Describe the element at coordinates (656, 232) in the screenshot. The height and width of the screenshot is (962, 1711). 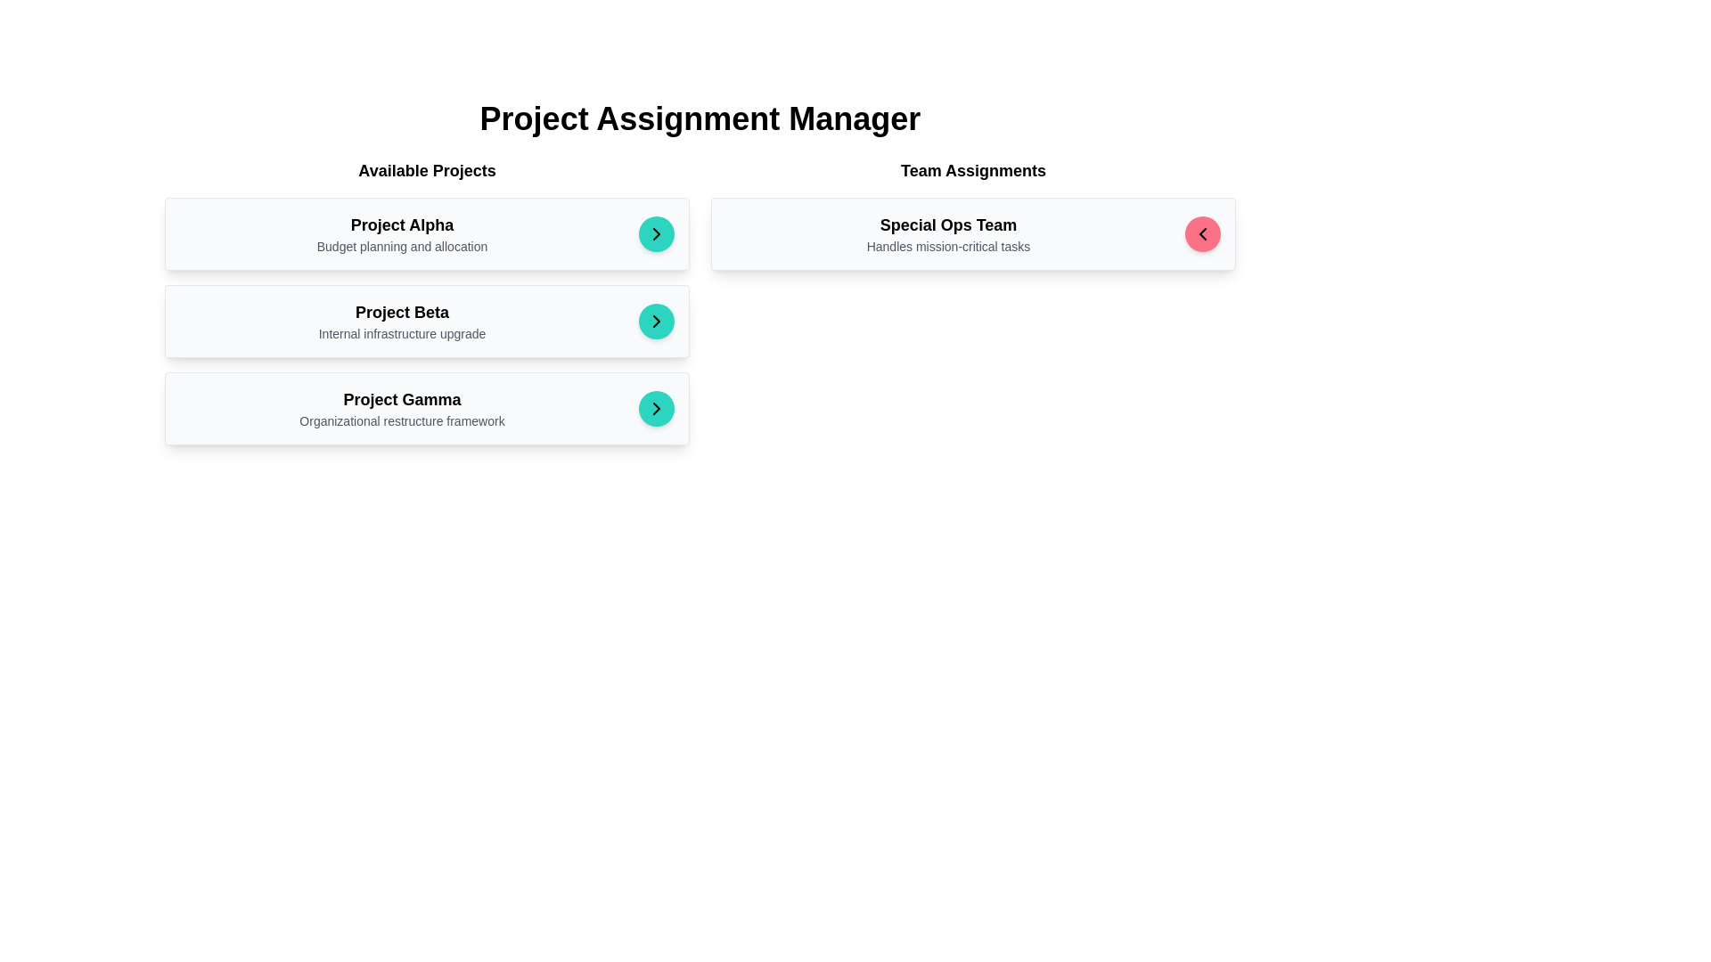
I see `the navigational arrow icon, which is a black arrow-shaped geometric figure on a turquoise circular background` at that location.